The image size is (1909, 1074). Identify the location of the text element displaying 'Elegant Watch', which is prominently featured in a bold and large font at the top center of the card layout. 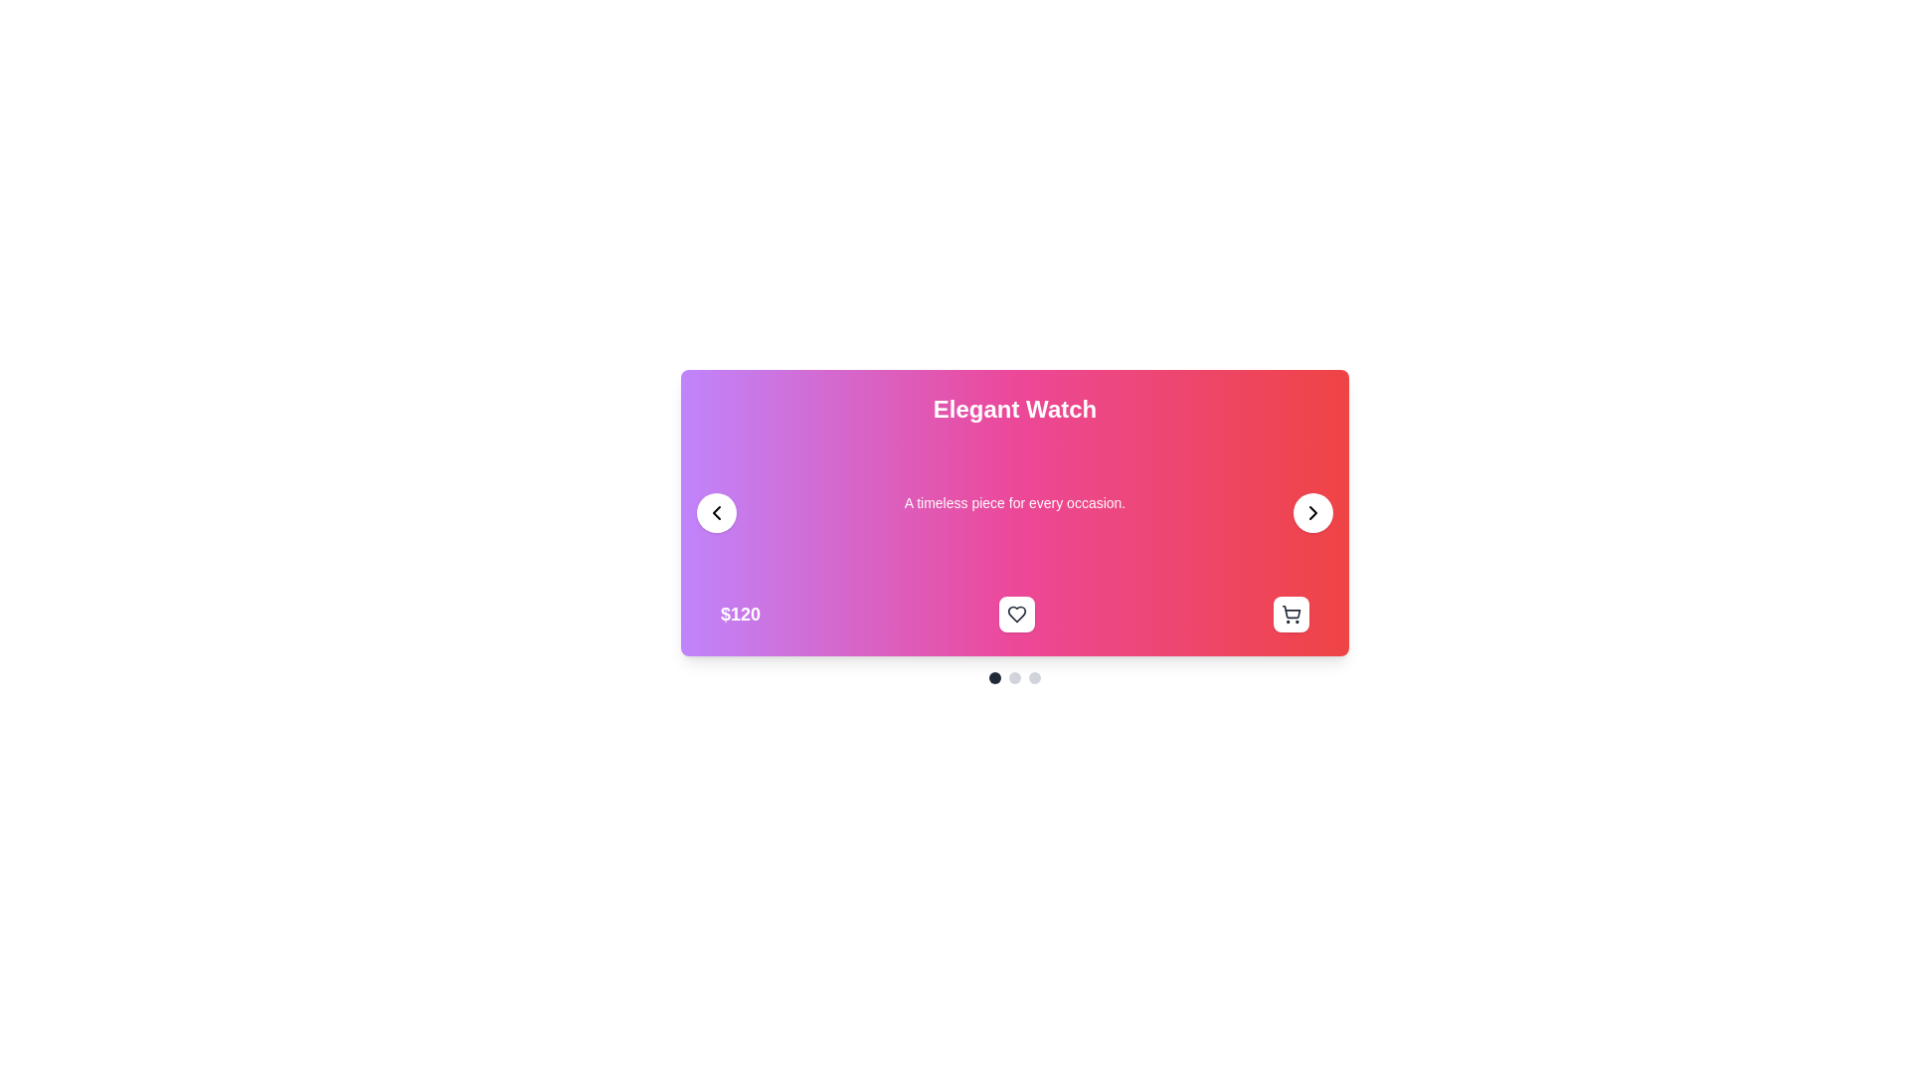
(1015, 409).